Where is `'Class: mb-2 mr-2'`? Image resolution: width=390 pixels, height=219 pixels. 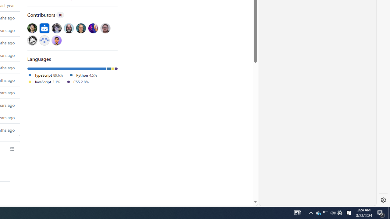 'Class: mb-2 mr-2' is located at coordinates (56, 40).